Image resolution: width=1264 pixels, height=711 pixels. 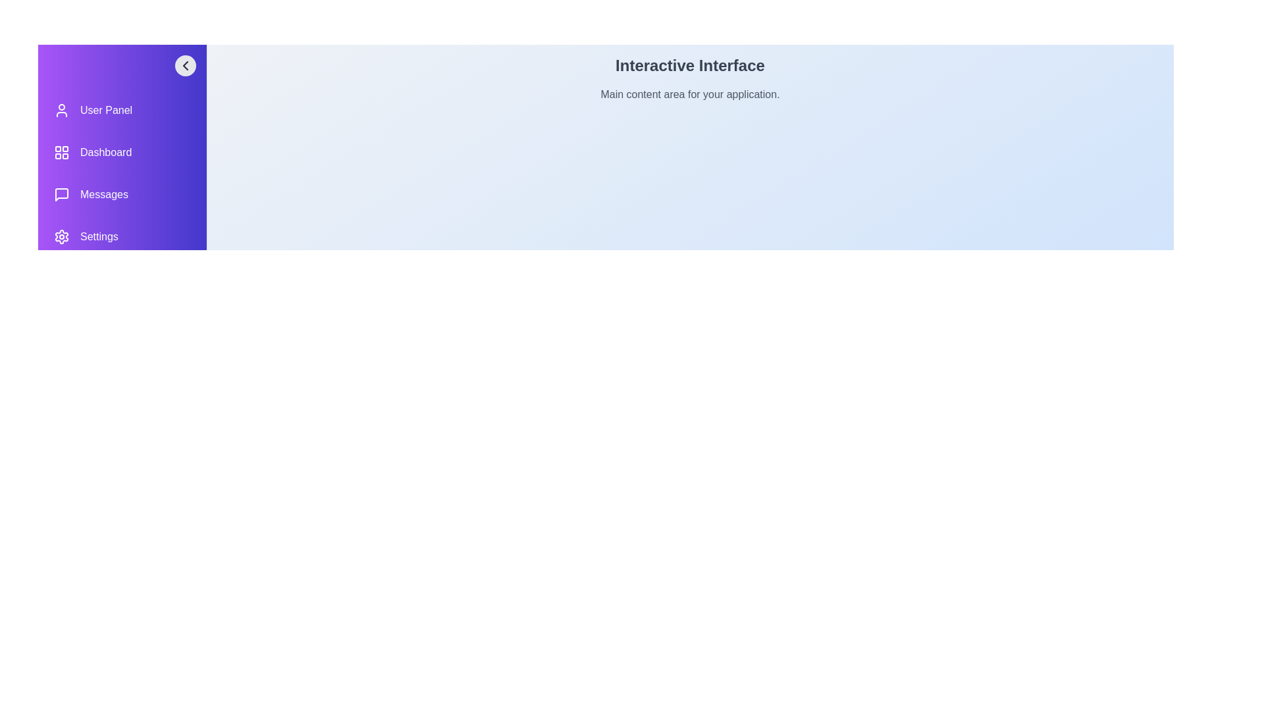 I want to click on the menu item labeled Dashboard to navigate to its associated section, so click(x=122, y=151).